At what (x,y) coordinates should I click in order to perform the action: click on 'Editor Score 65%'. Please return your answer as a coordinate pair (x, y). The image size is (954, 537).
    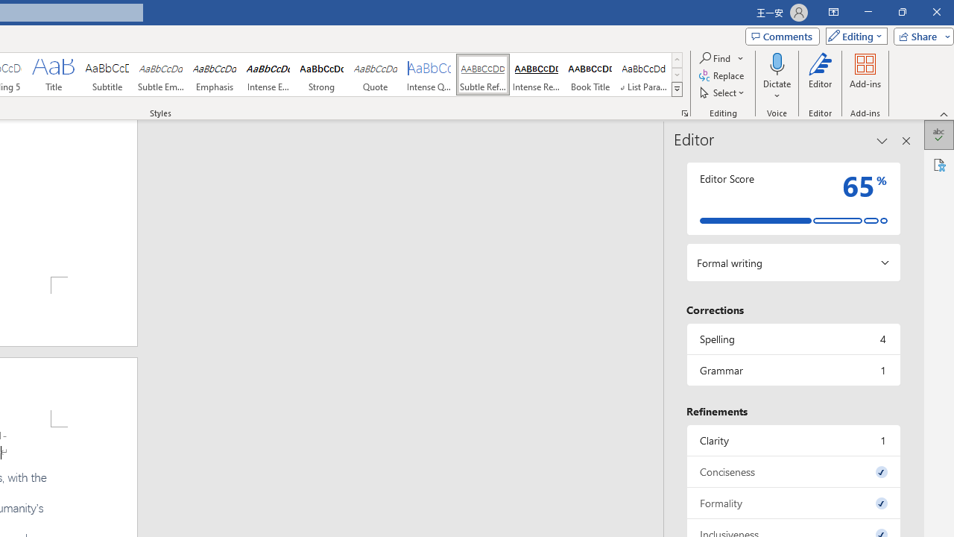
    Looking at the image, I should click on (792, 198).